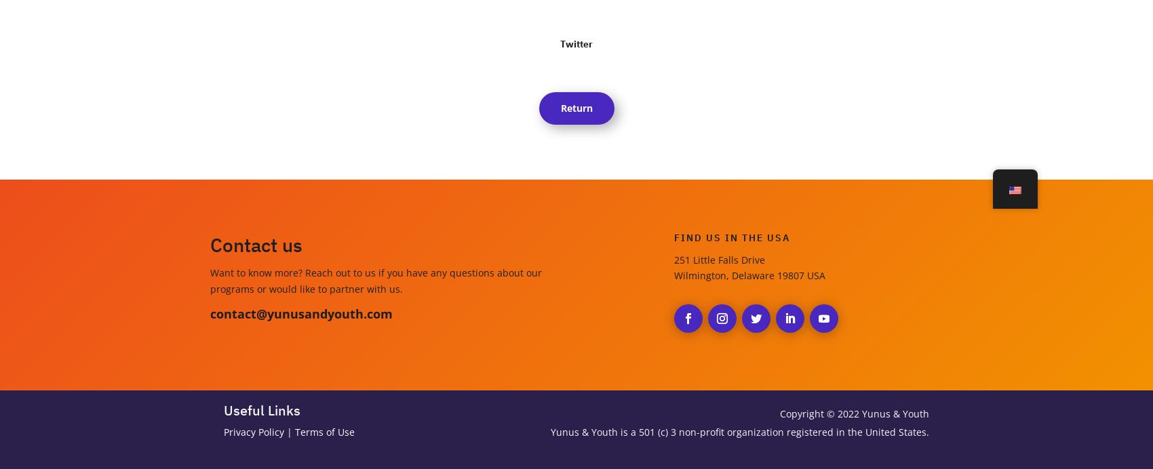  I want to click on 'Contact us', so click(210, 245).